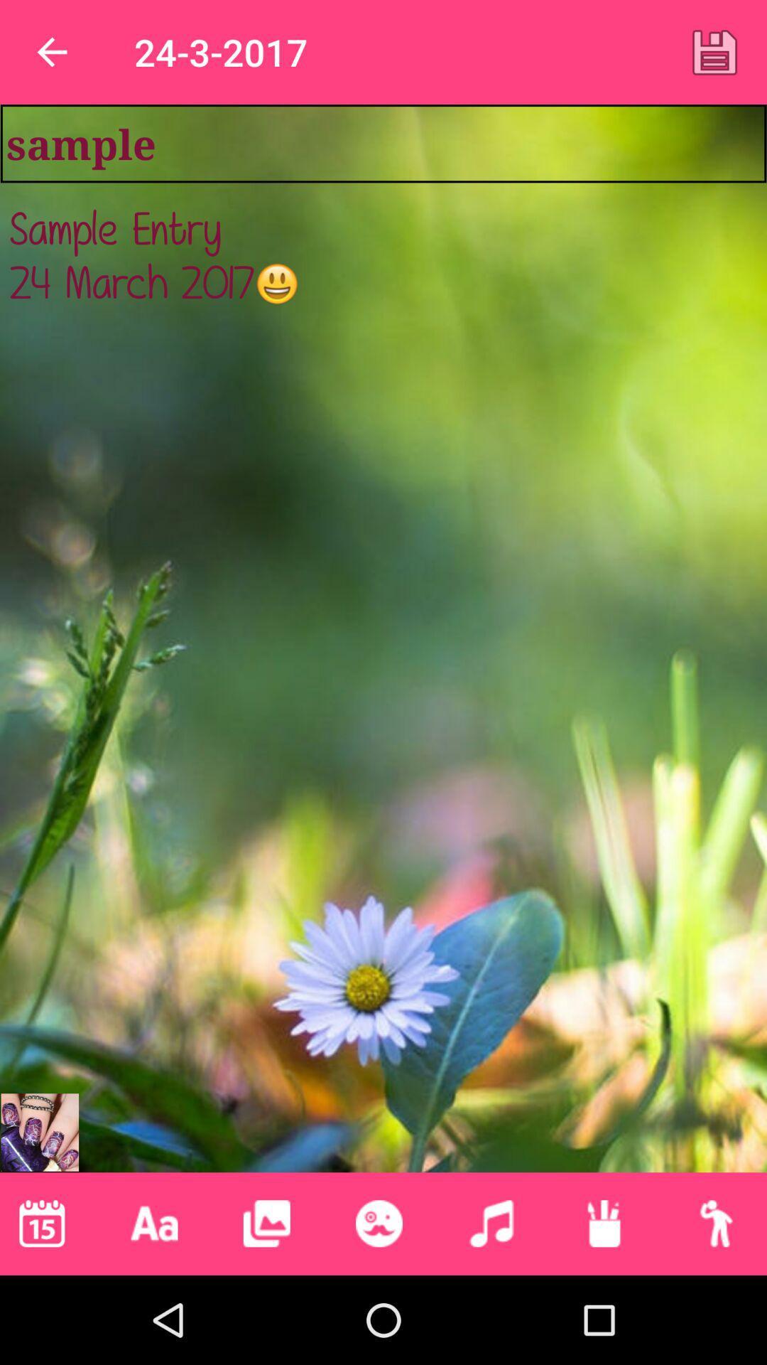 This screenshot has height=1365, width=767. Describe the element at coordinates (378, 1223) in the screenshot. I see `open editor` at that location.